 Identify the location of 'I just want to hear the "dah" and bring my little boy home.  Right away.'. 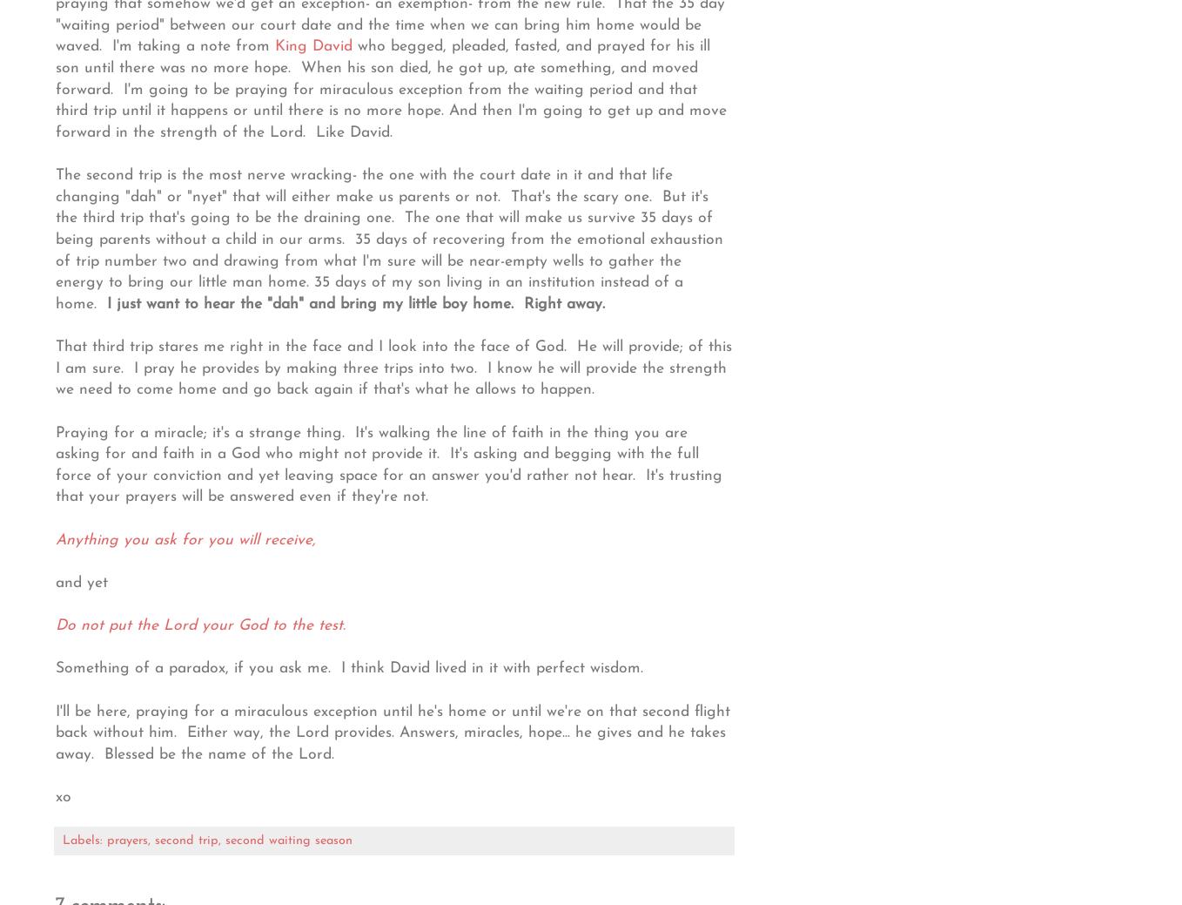
(358, 302).